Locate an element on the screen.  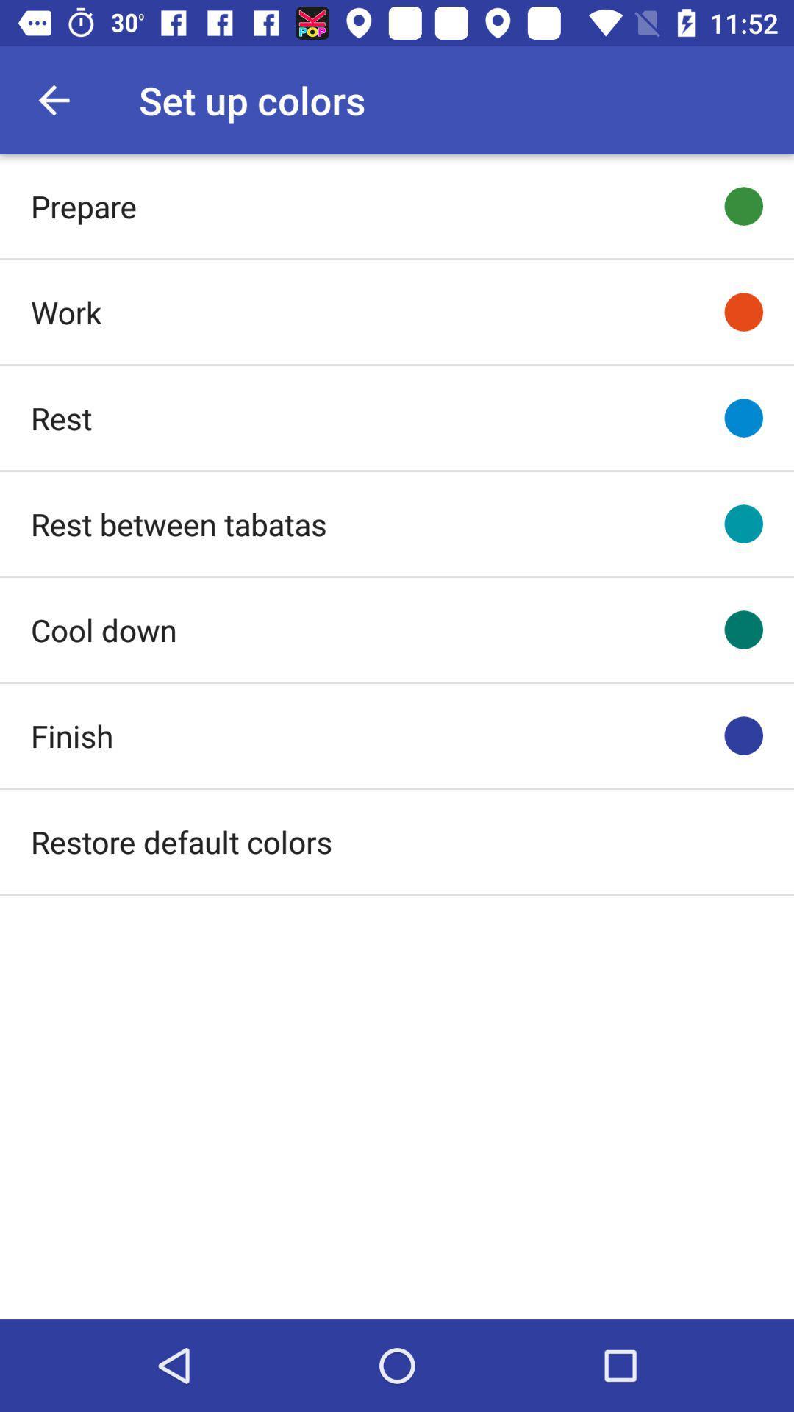
icon above rest icon is located at coordinates (65, 311).